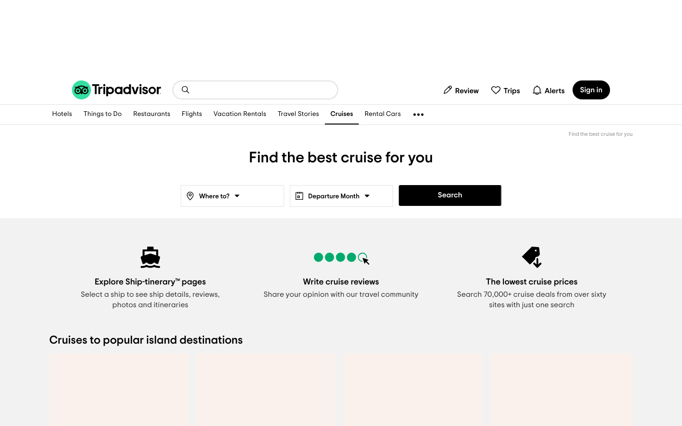 The width and height of the screenshot is (682, 426). What do you see at coordinates (116, 89) in the screenshot?
I see `Go to TripAdvisor"s home page` at bounding box center [116, 89].